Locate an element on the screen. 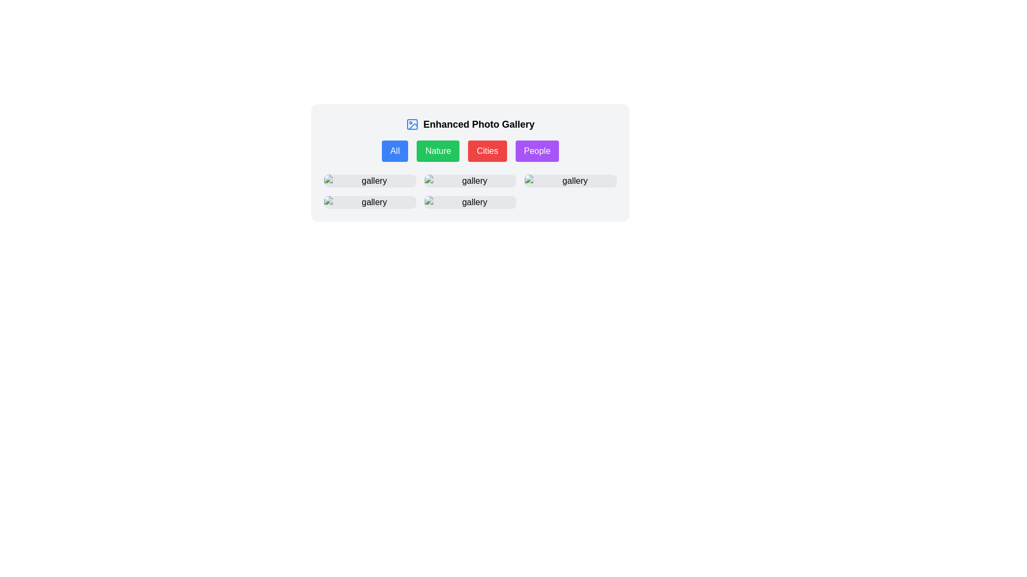 The image size is (1027, 577). the 'gallery' button, which is a horizontally rectangular interactive component with a light gray background and rounded corners, featuring a mountain and sun icon on the left is located at coordinates (470, 181).